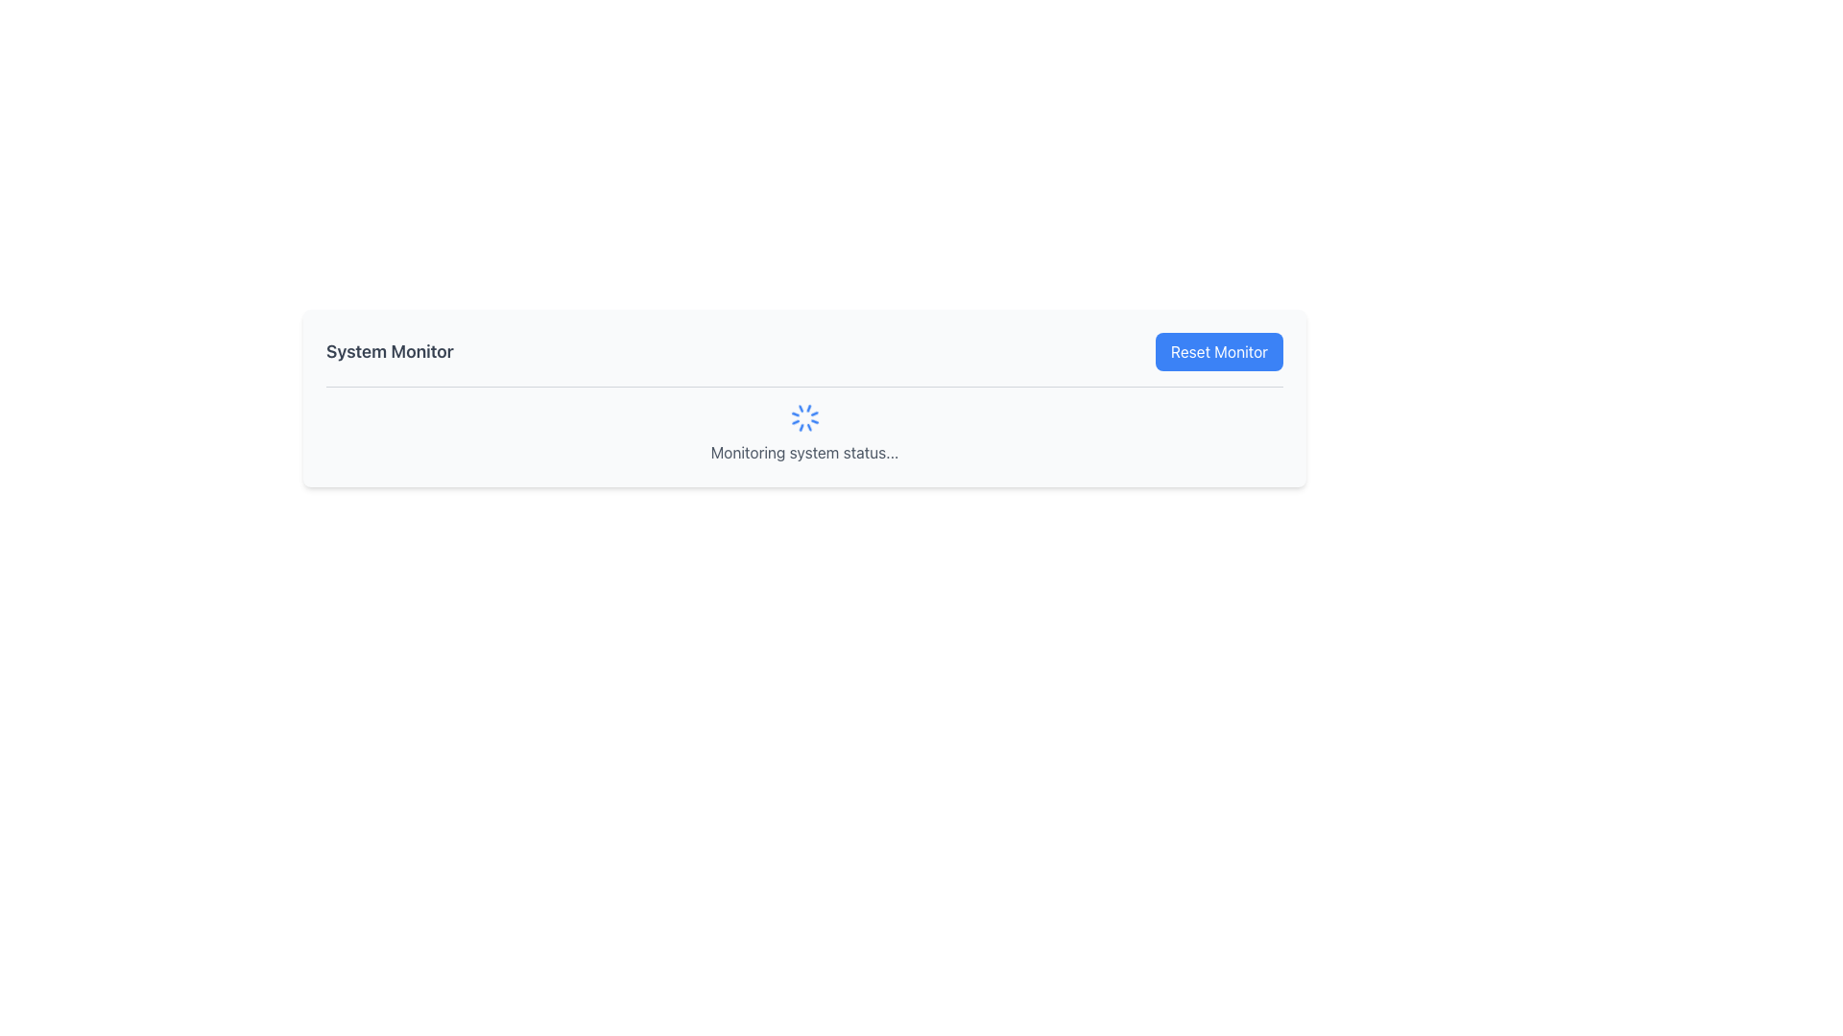 Image resolution: width=1843 pixels, height=1036 pixels. Describe the element at coordinates (804, 452) in the screenshot. I see `the status message text located below the spinning loader icon` at that location.